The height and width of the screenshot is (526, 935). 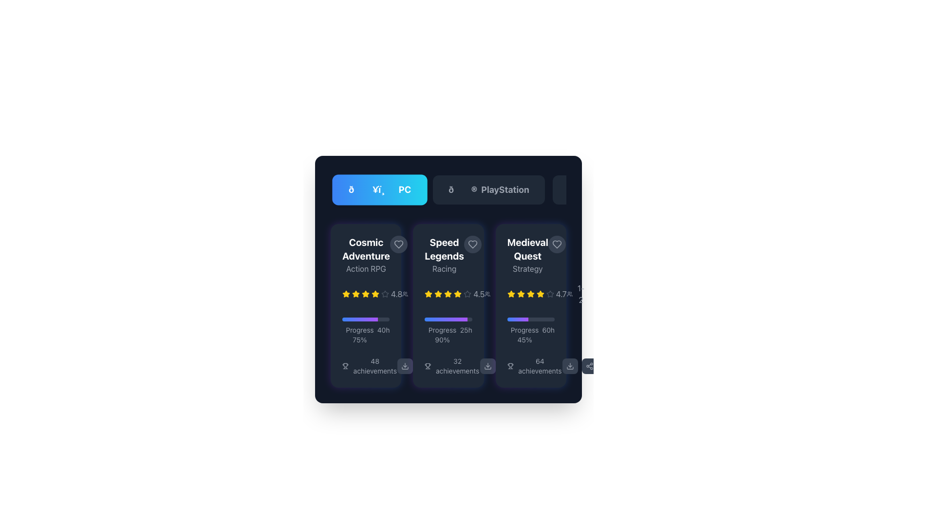 I want to click on the rectangular dark gray button labeled 'PlayStation' located between the 'PC' and 'Xbox' buttons to filter content, so click(x=488, y=189).